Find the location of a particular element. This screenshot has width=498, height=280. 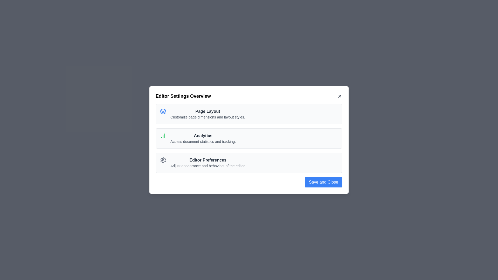

the option Page Layout to interact with it is located at coordinates (208, 114).